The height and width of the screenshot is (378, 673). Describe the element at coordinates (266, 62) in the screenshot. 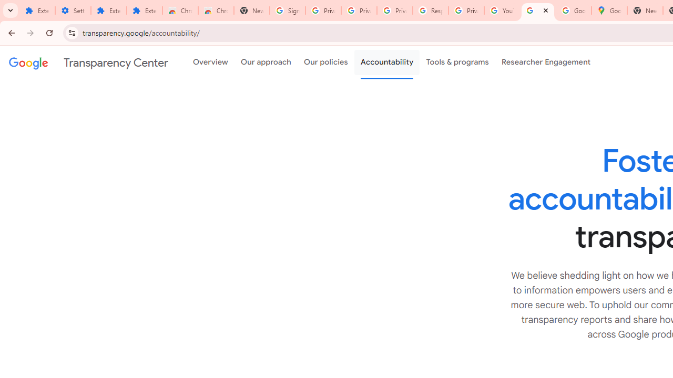

I see `'Our approach'` at that location.